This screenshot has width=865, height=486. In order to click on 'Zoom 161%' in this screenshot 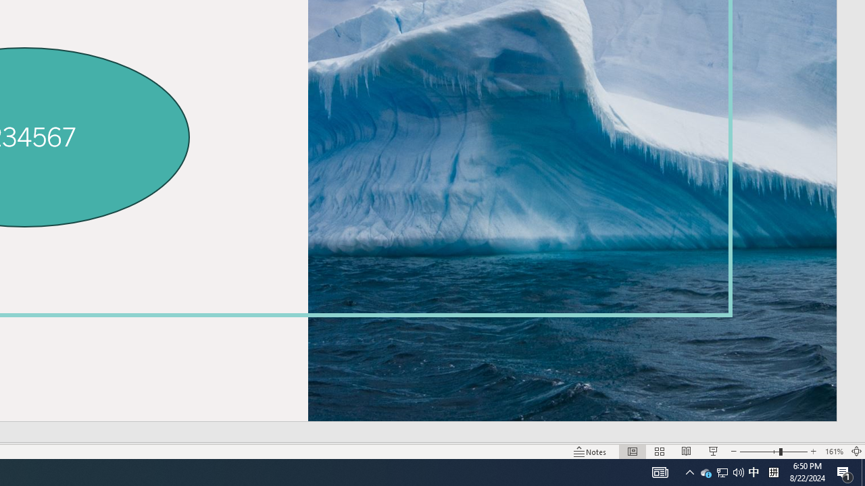, I will do `click(833, 452)`.